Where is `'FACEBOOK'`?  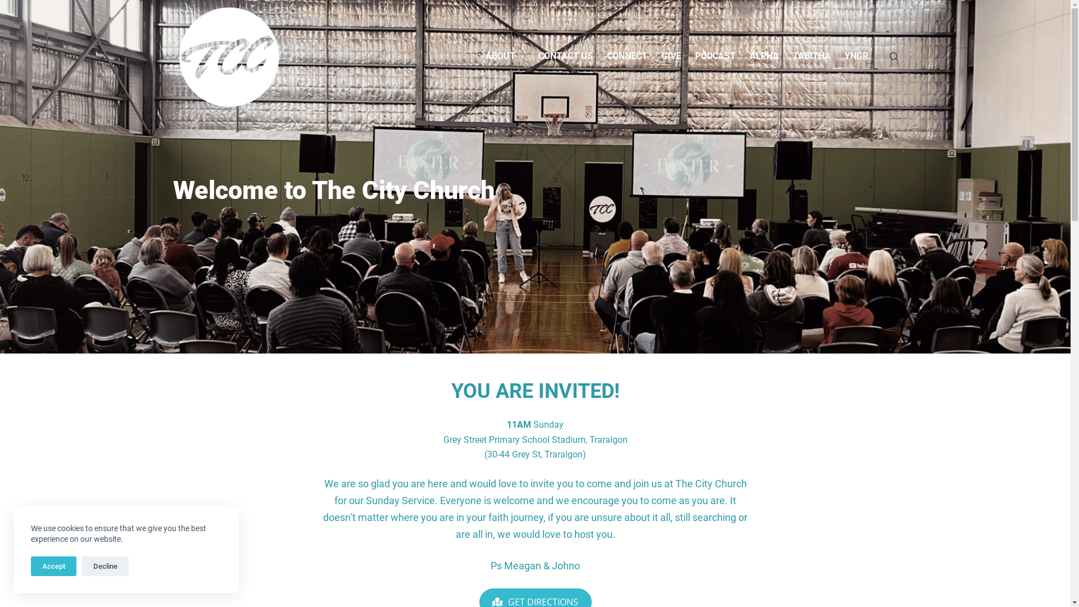
'FACEBOOK' is located at coordinates (792, 491).